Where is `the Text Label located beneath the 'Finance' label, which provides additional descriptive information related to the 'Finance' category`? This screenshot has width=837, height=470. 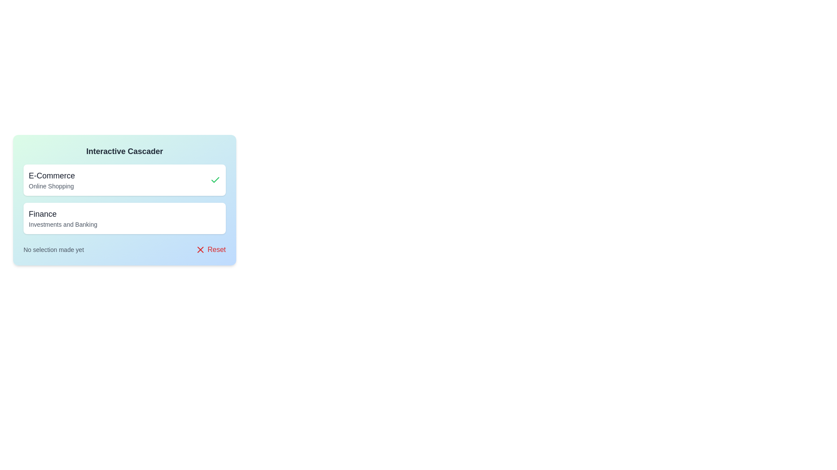 the Text Label located beneath the 'Finance' label, which provides additional descriptive information related to the 'Finance' category is located at coordinates (62, 224).